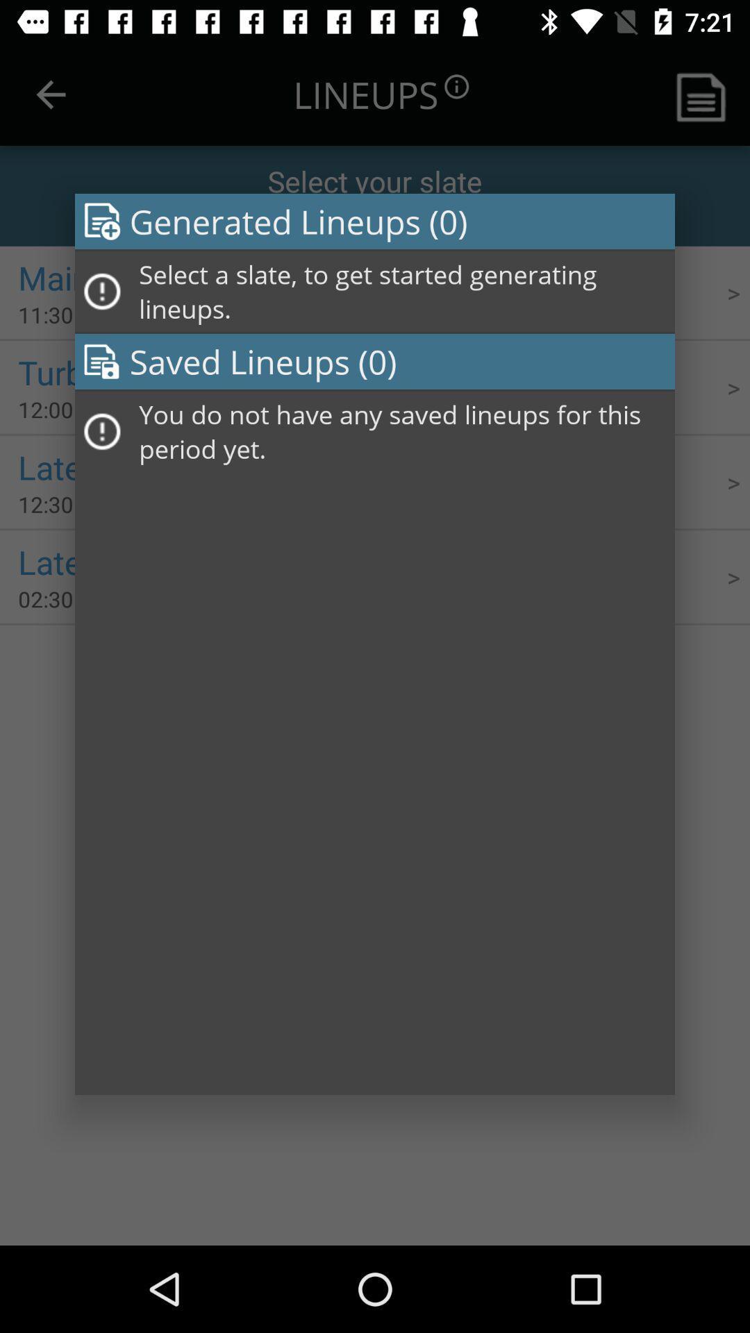  What do you see at coordinates (402, 291) in the screenshot?
I see `item above the saved lineups (0) icon` at bounding box center [402, 291].